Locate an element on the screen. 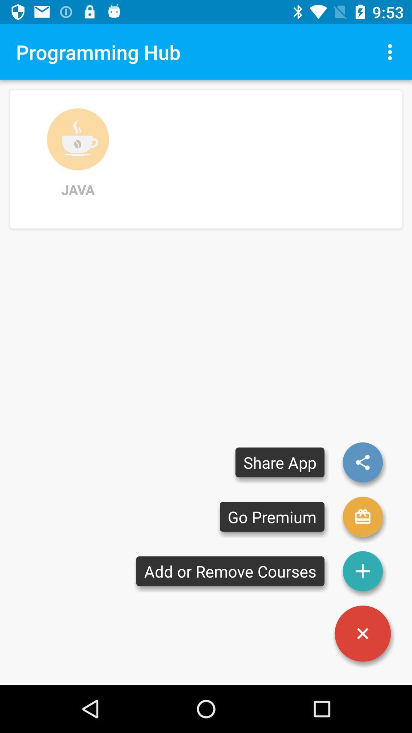 The width and height of the screenshot is (412, 733). item below the go premium is located at coordinates (230, 571).